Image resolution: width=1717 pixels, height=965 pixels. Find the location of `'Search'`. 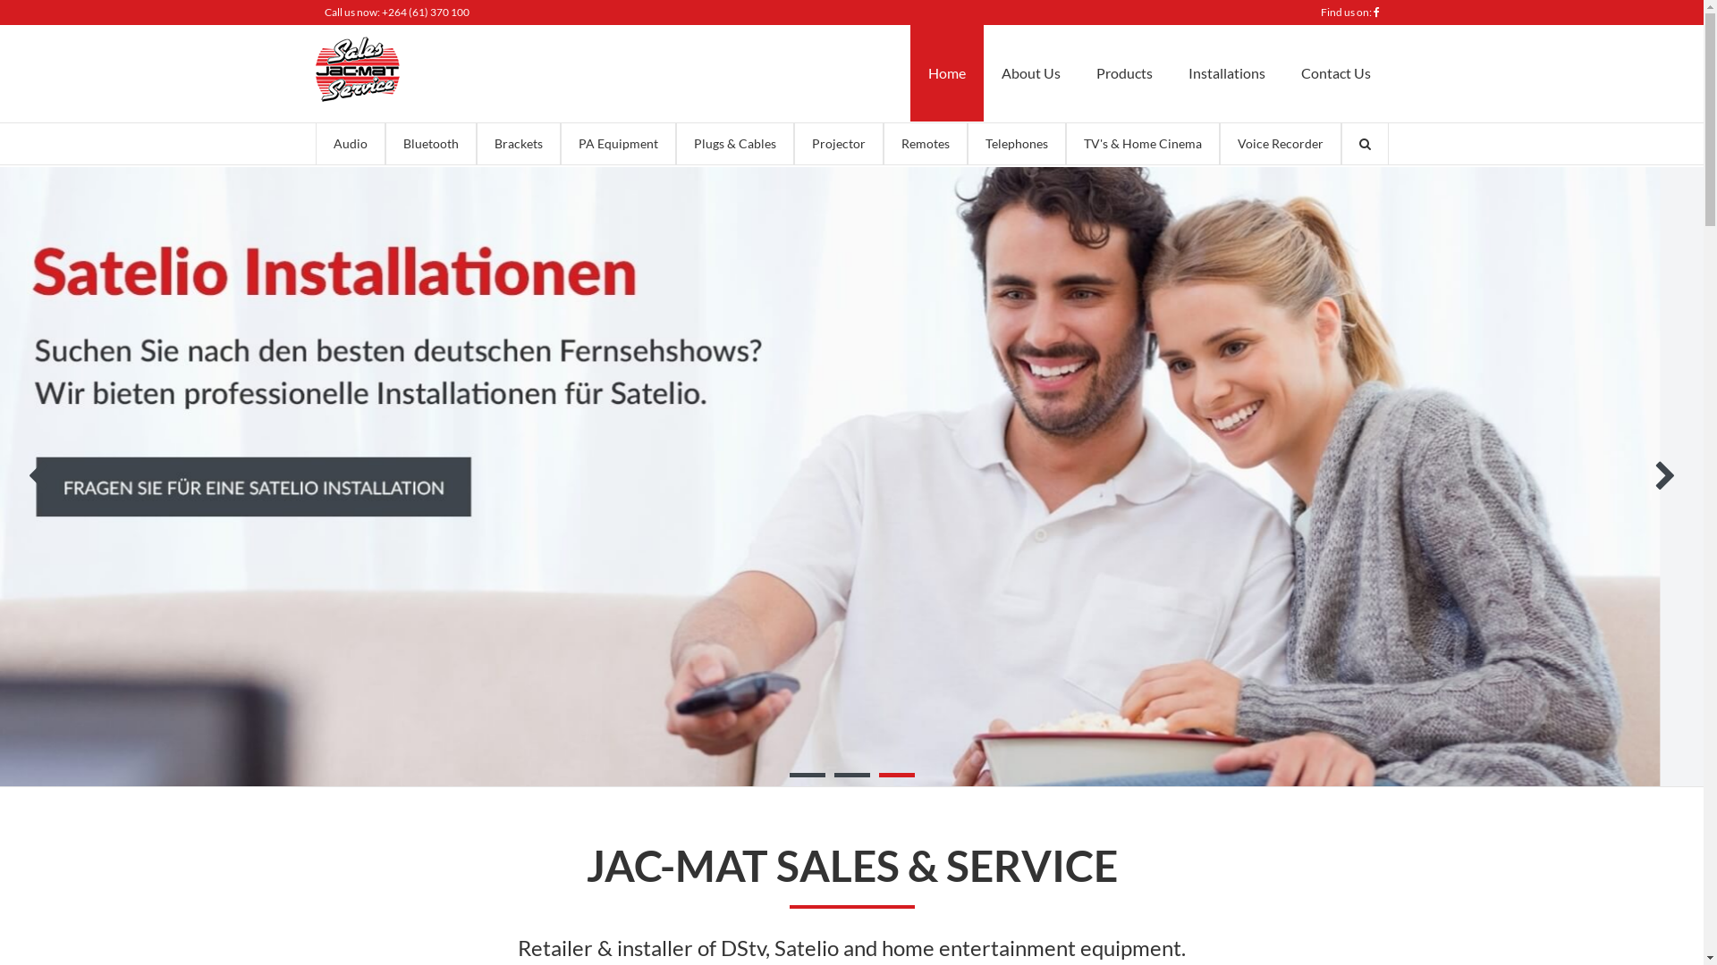

'Search' is located at coordinates (1341, 143).